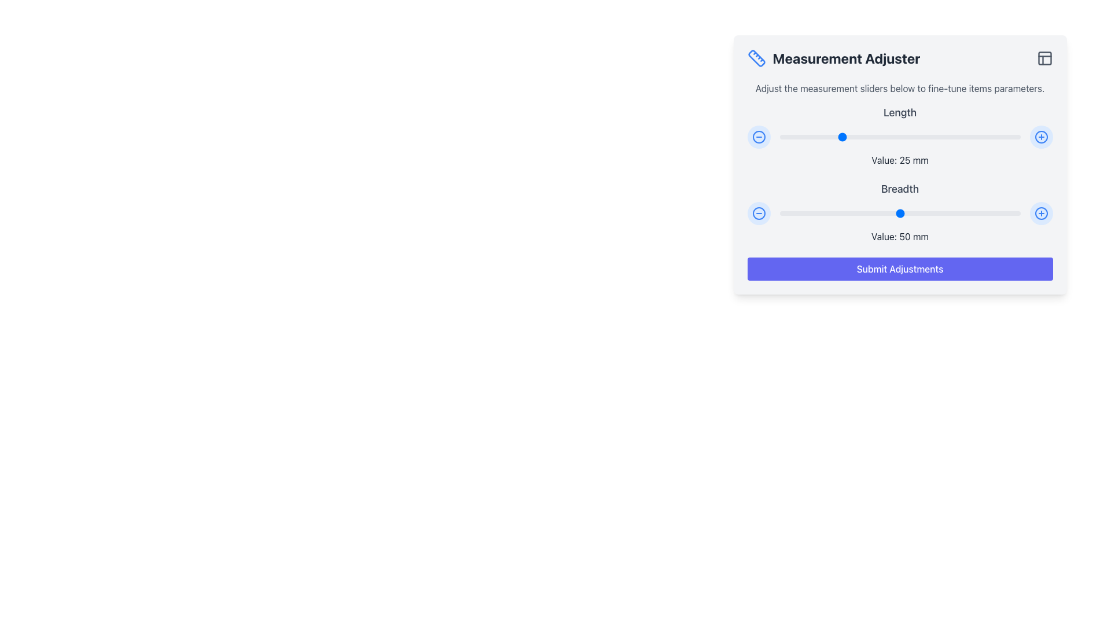 Image resolution: width=1111 pixels, height=625 pixels. I want to click on the length, so click(822, 136).